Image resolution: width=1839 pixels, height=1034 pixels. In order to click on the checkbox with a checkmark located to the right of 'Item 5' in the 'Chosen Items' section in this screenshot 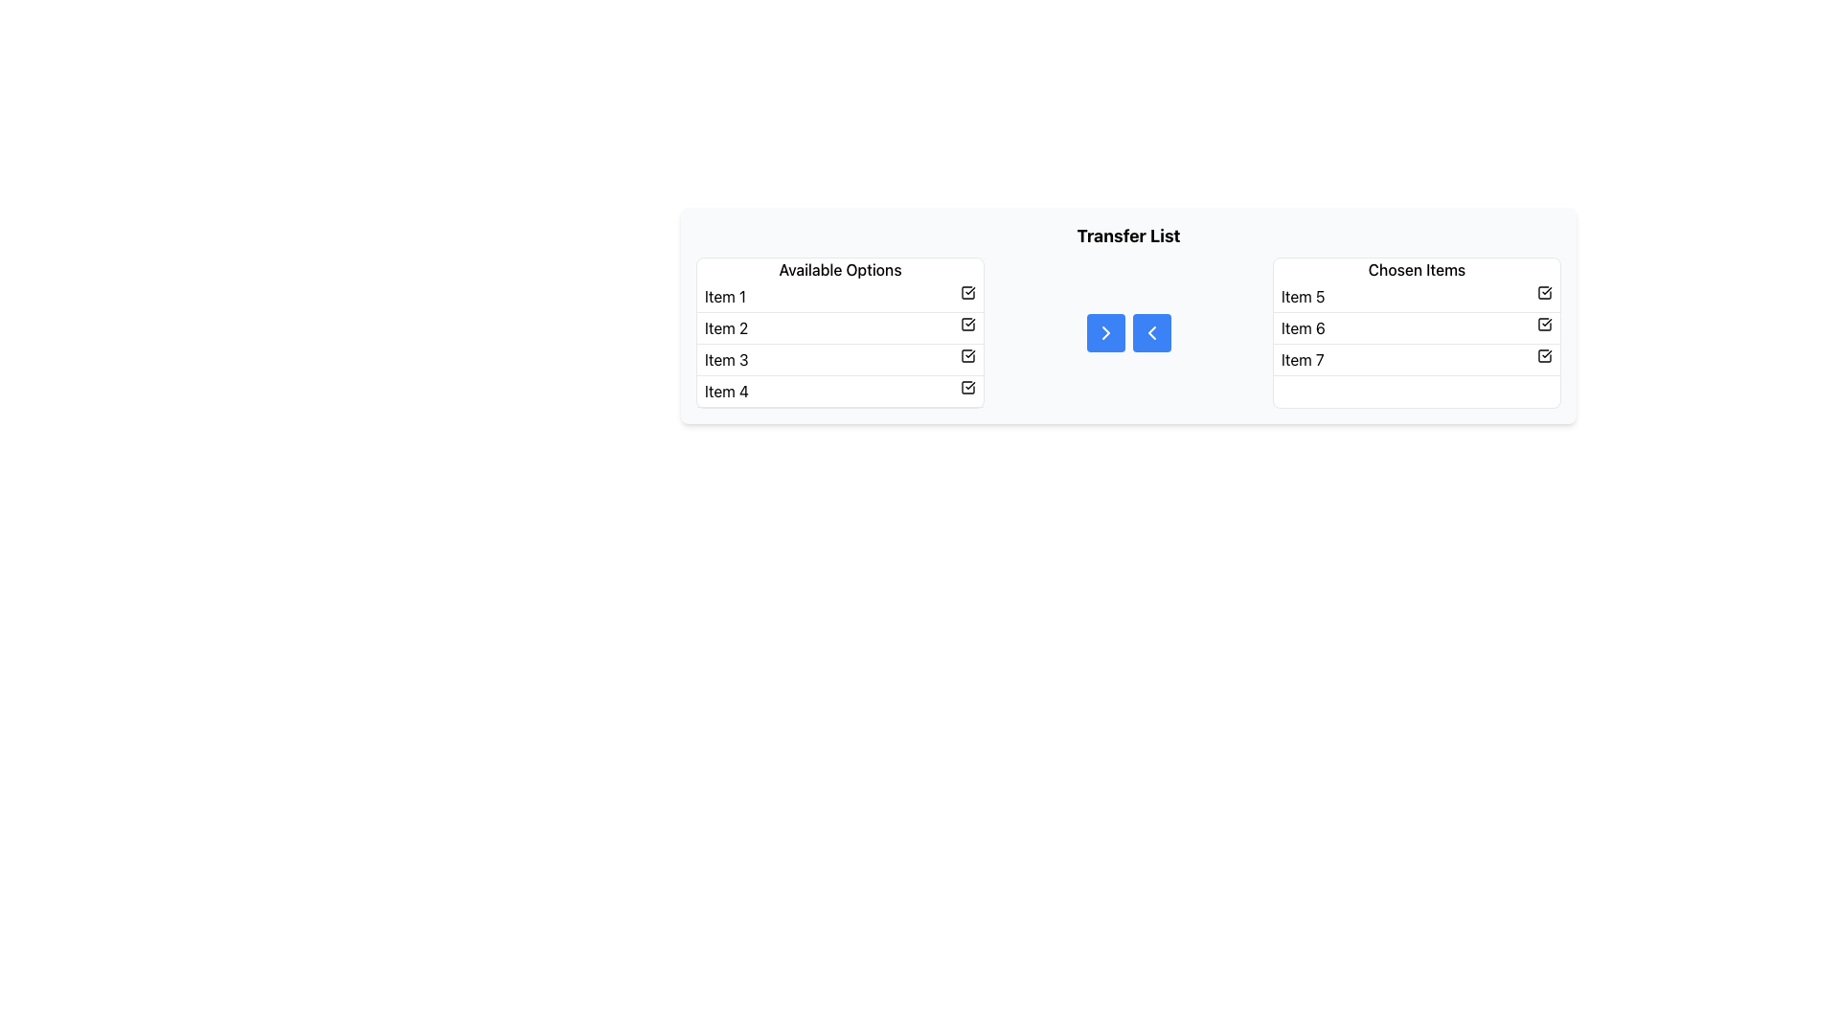, I will do `click(1544, 292)`.